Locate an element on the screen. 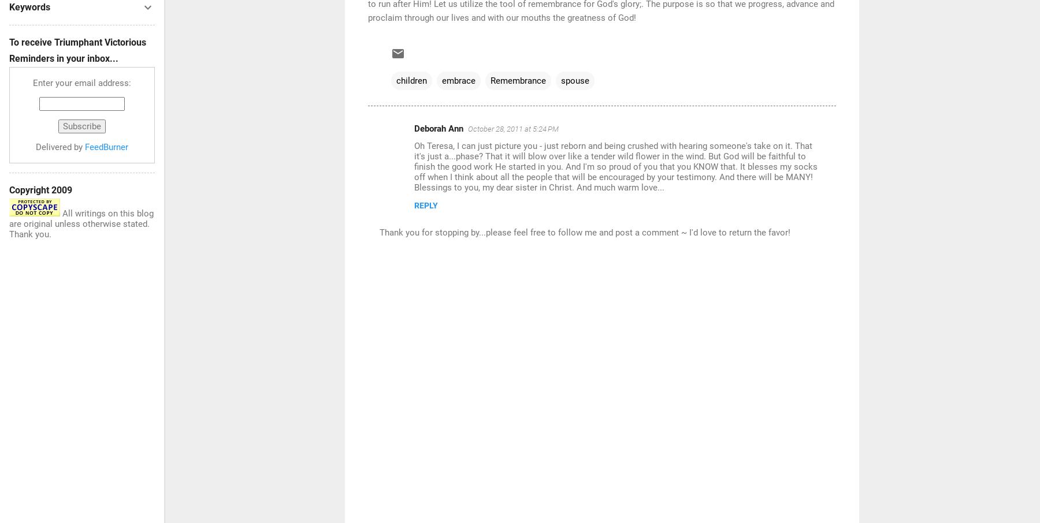 This screenshot has width=1040, height=523. 'Remembrance' is located at coordinates (518, 80).